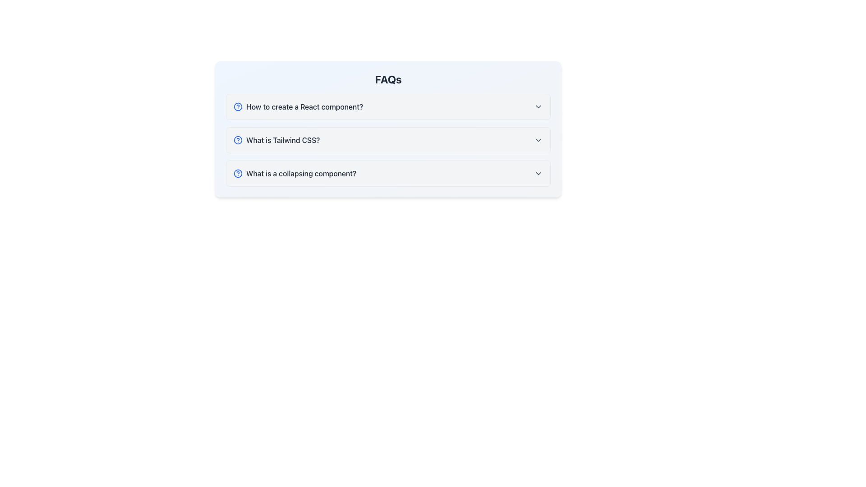 Image resolution: width=866 pixels, height=487 pixels. What do you see at coordinates (388, 79) in the screenshot?
I see `the bold, centered 'FAQs' heading text that is styled with a dark gray font, located at the top of the FAQ section` at bounding box center [388, 79].